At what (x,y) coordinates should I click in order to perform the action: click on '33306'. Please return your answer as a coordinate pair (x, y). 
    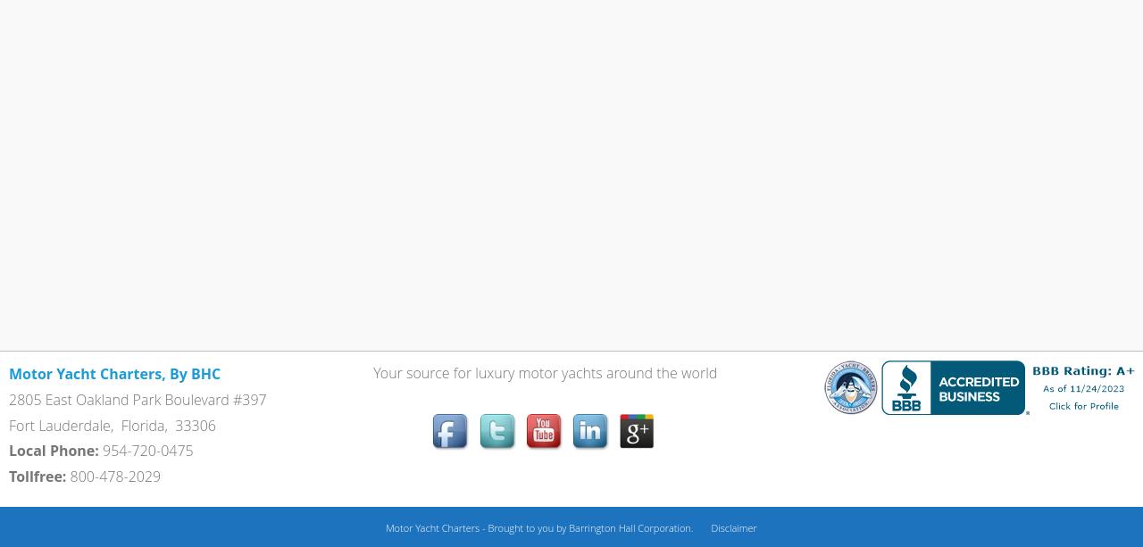
    Looking at the image, I should click on (195, 424).